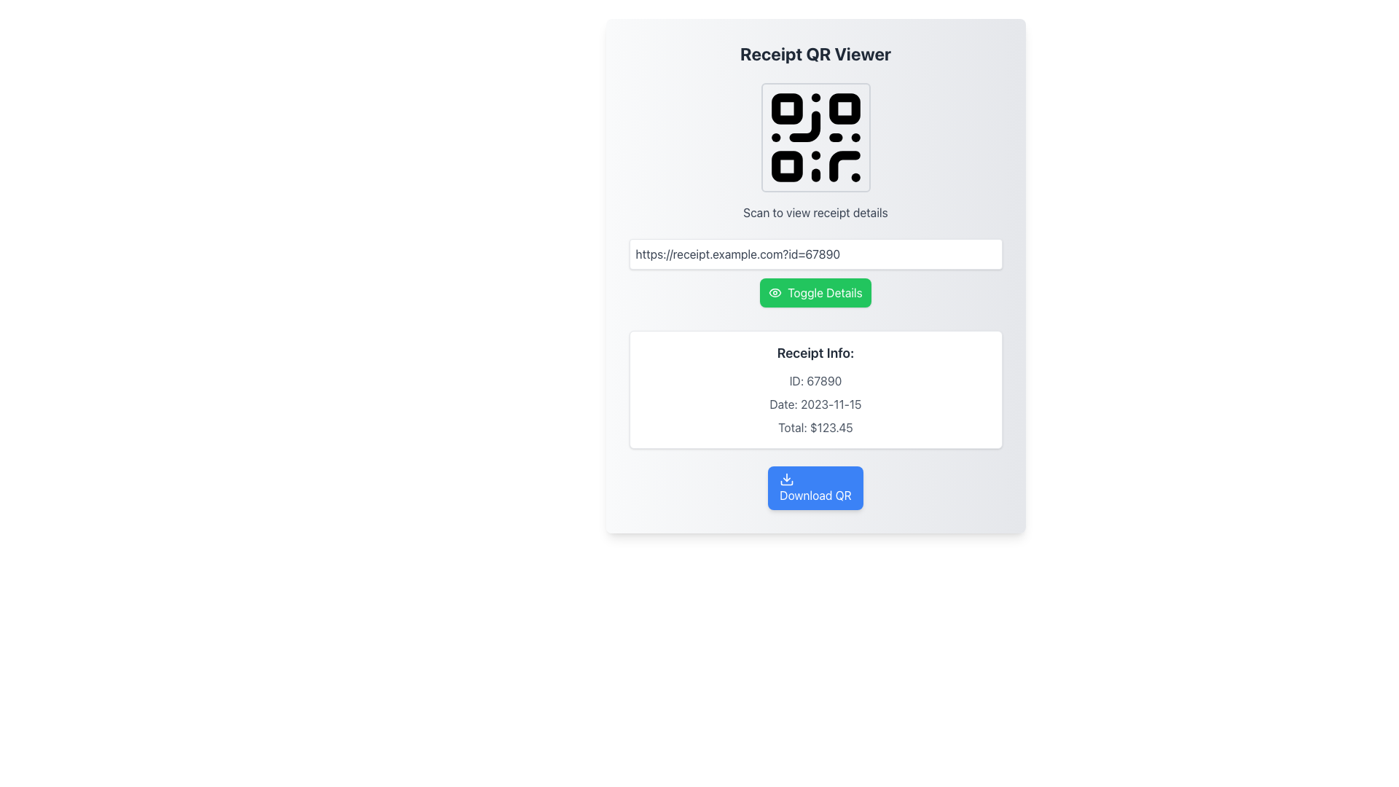  I want to click on the first small square of the QR Code Structural Component located in the top-left corner of the QR code area, so click(786, 108).